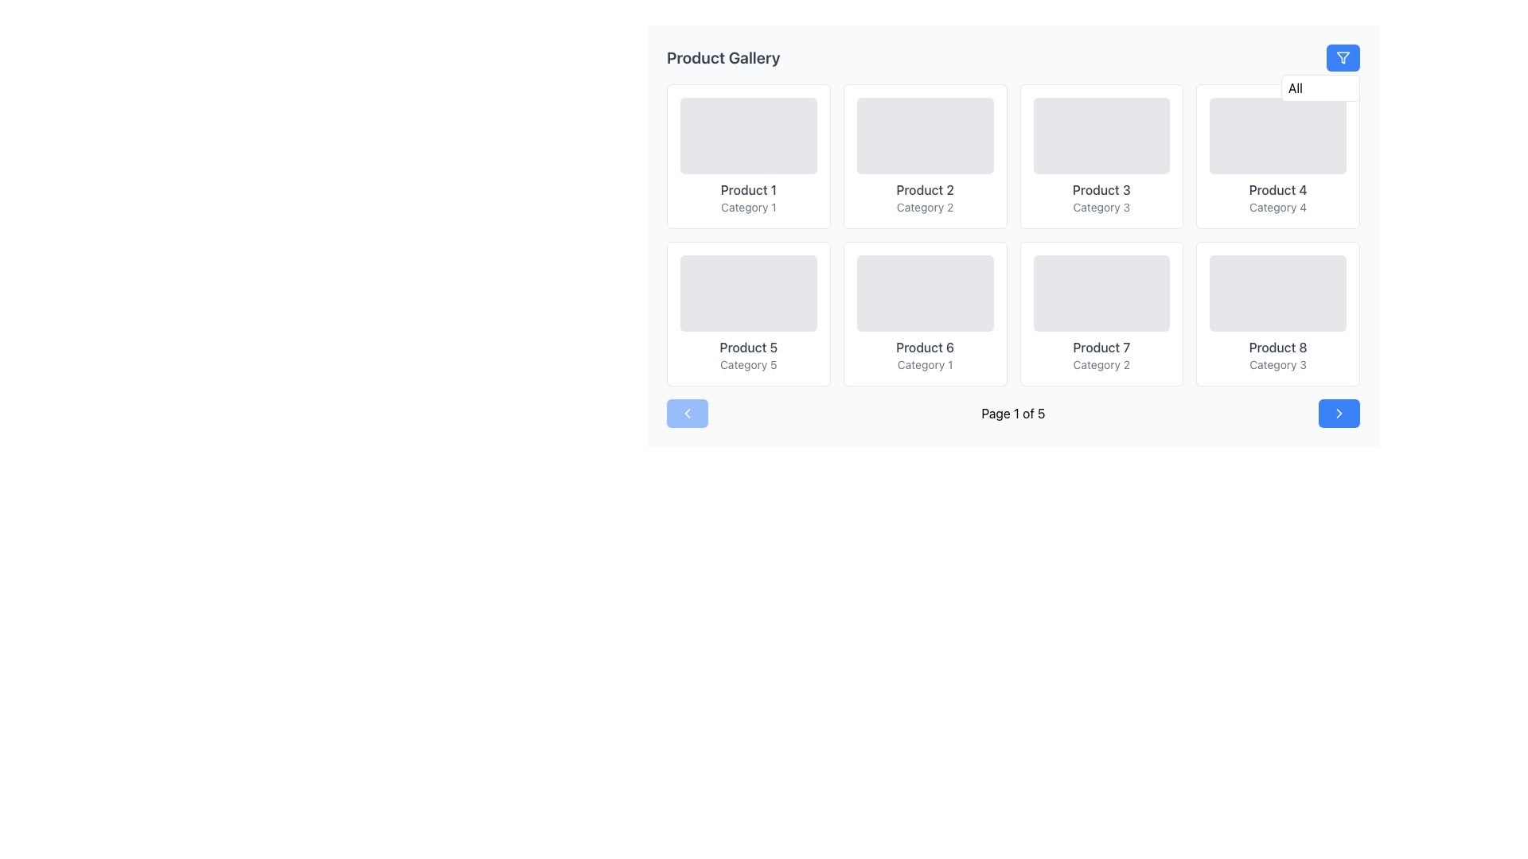 The image size is (1528, 859). I want to click on the non-interactive text label indicating 'Category 1' for 'Product 6', positioned below the product title in the grid layout, so click(925, 365).